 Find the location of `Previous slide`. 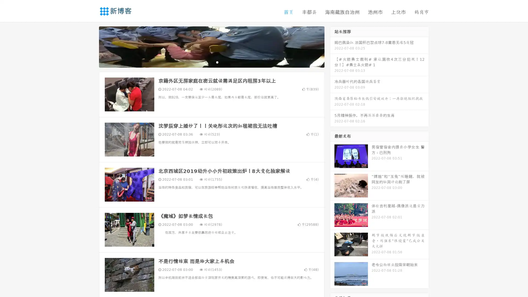

Previous slide is located at coordinates (91, 46).